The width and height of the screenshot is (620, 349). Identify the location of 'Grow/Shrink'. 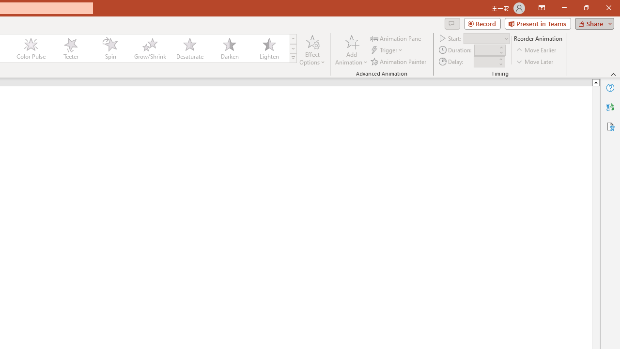
(149, 48).